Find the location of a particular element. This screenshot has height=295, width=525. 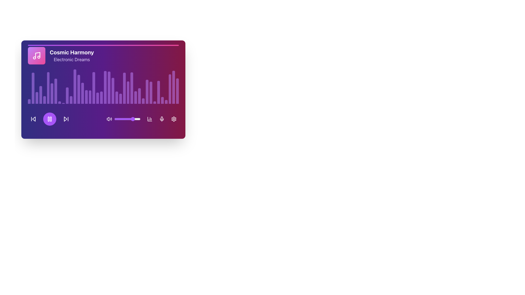

the 22nd vertical bar of the bar chart, which has a purple background, to use it as a visual representation within the music-themed widget is located at coordinates (109, 87).